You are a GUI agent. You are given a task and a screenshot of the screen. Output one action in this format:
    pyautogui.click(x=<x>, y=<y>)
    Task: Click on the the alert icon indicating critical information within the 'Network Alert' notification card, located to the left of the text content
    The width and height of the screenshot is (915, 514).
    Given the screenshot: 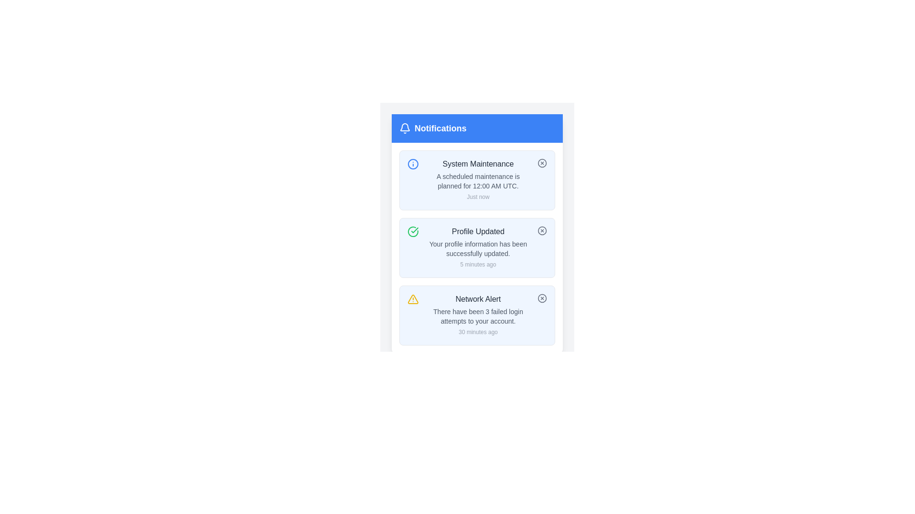 What is the action you would take?
    pyautogui.click(x=413, y=298)
    